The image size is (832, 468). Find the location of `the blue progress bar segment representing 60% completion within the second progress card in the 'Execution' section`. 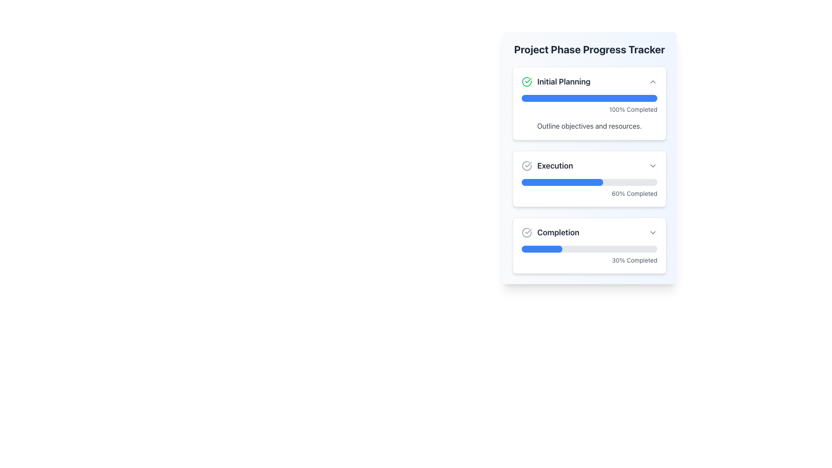

the blue progress bar segment representing 60% completion within the second progress card in the 'Execution' section is located at coordinates (562, 182).